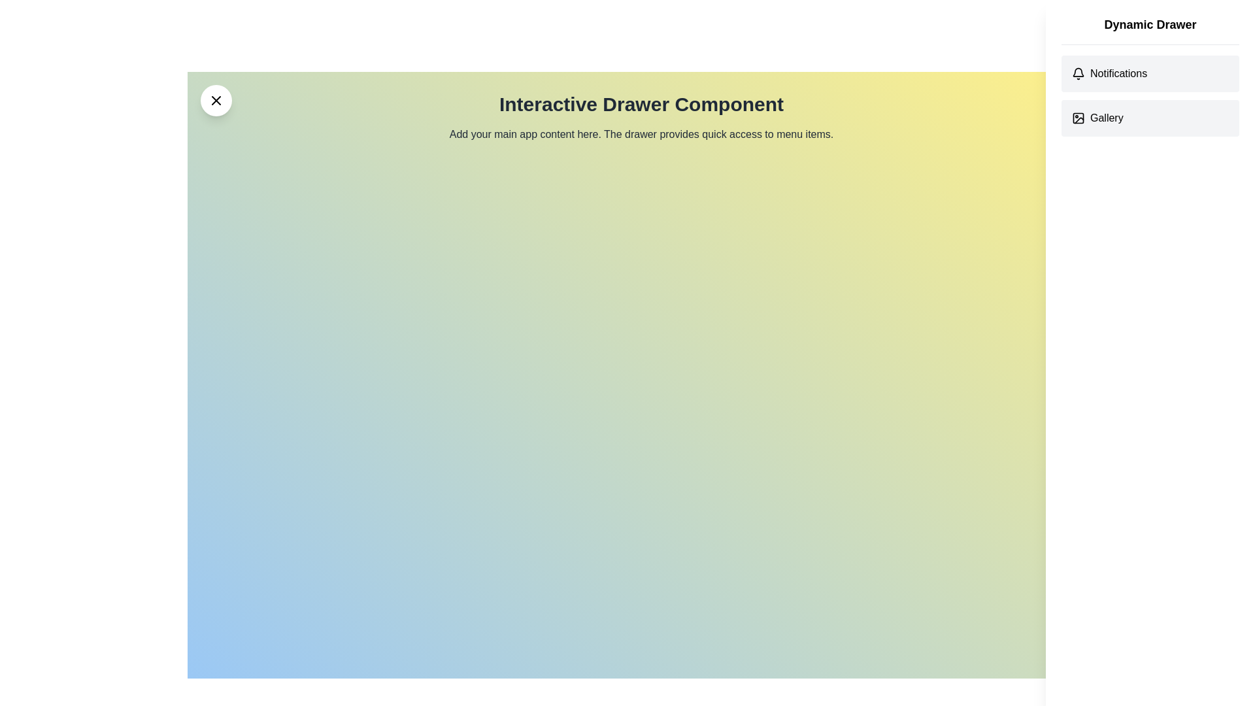 The width and height of the screenshot is (1255, 706). What do you see at coordinates (1079, 73) in the screenshot?
I see `the decorative notification icon located to the left of the 'Notifications' label in the 'Dynamic Drawer' panel on the sidebar` at bounding box center [1079, 73].